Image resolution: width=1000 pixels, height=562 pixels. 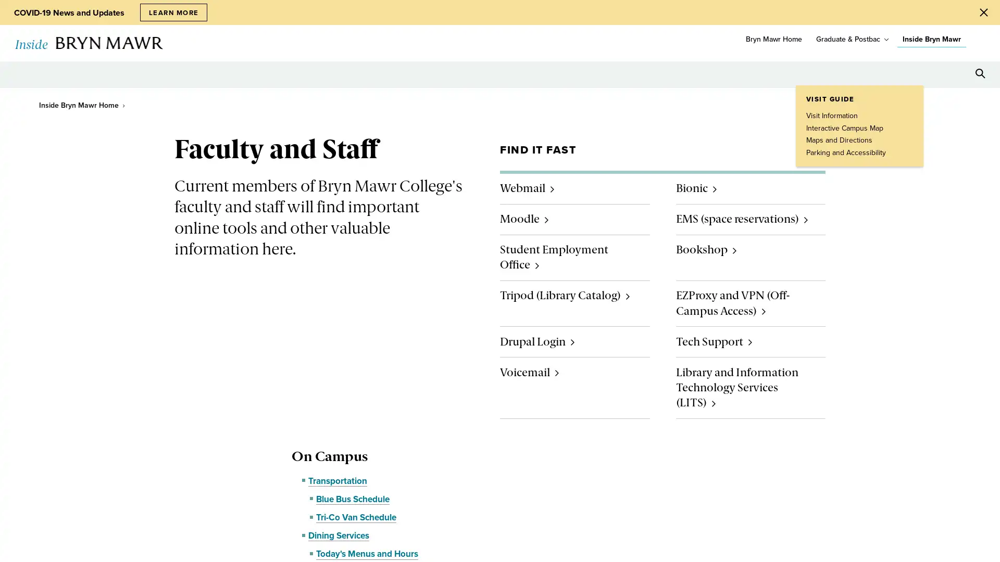 What do you see at coordinates (903, 72) in the screenshot?
I see `Open Location menu` at bounding box center [903, 72].